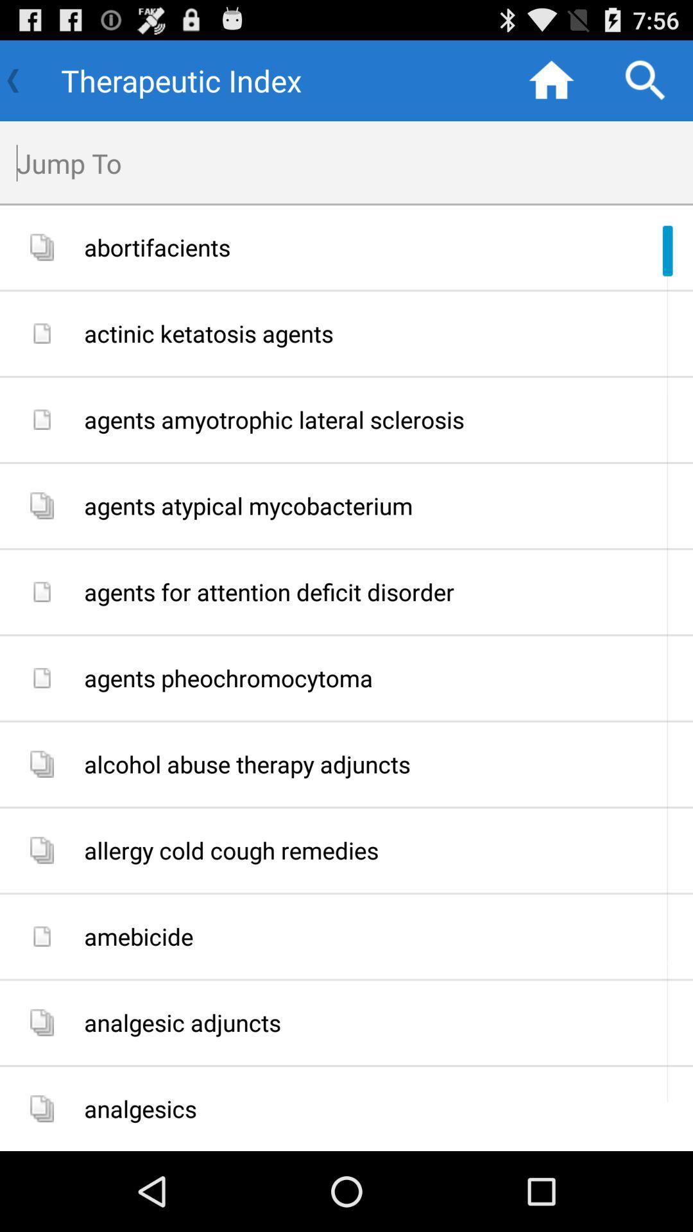  What do you see at coordinates (41, 505) in the screenshot?
I see `the 4th icon from the top` at bounding box center [41, 505].